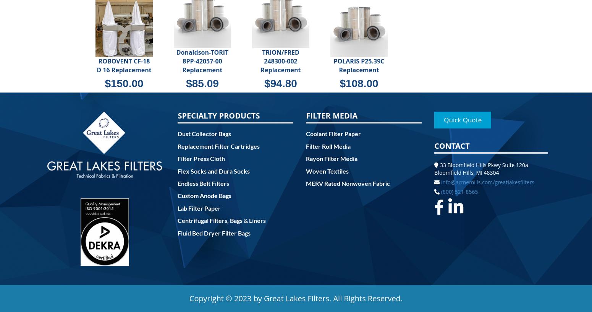 The image size is (592, 312). Describe the element at coordinates (328, 146) in the screenshot. I see `'Filter Roll Media'` at that location.